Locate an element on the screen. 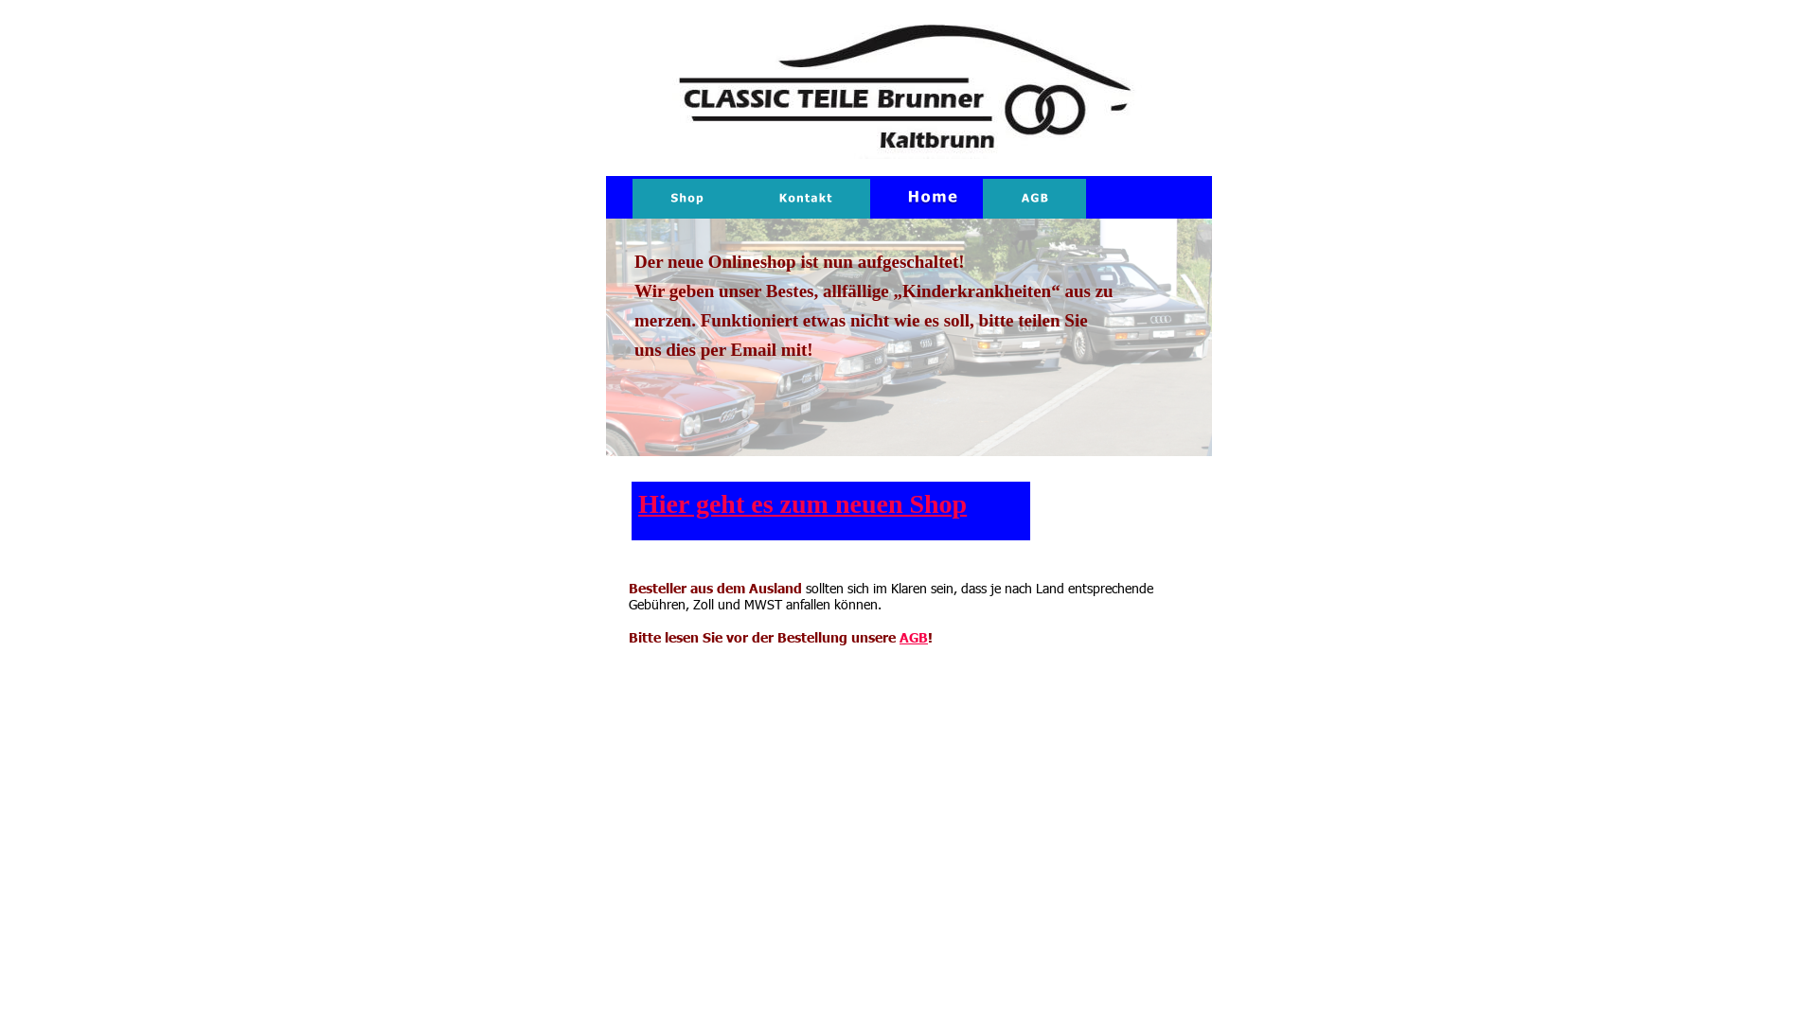  'AGB' is located at coordinates (913, 636).